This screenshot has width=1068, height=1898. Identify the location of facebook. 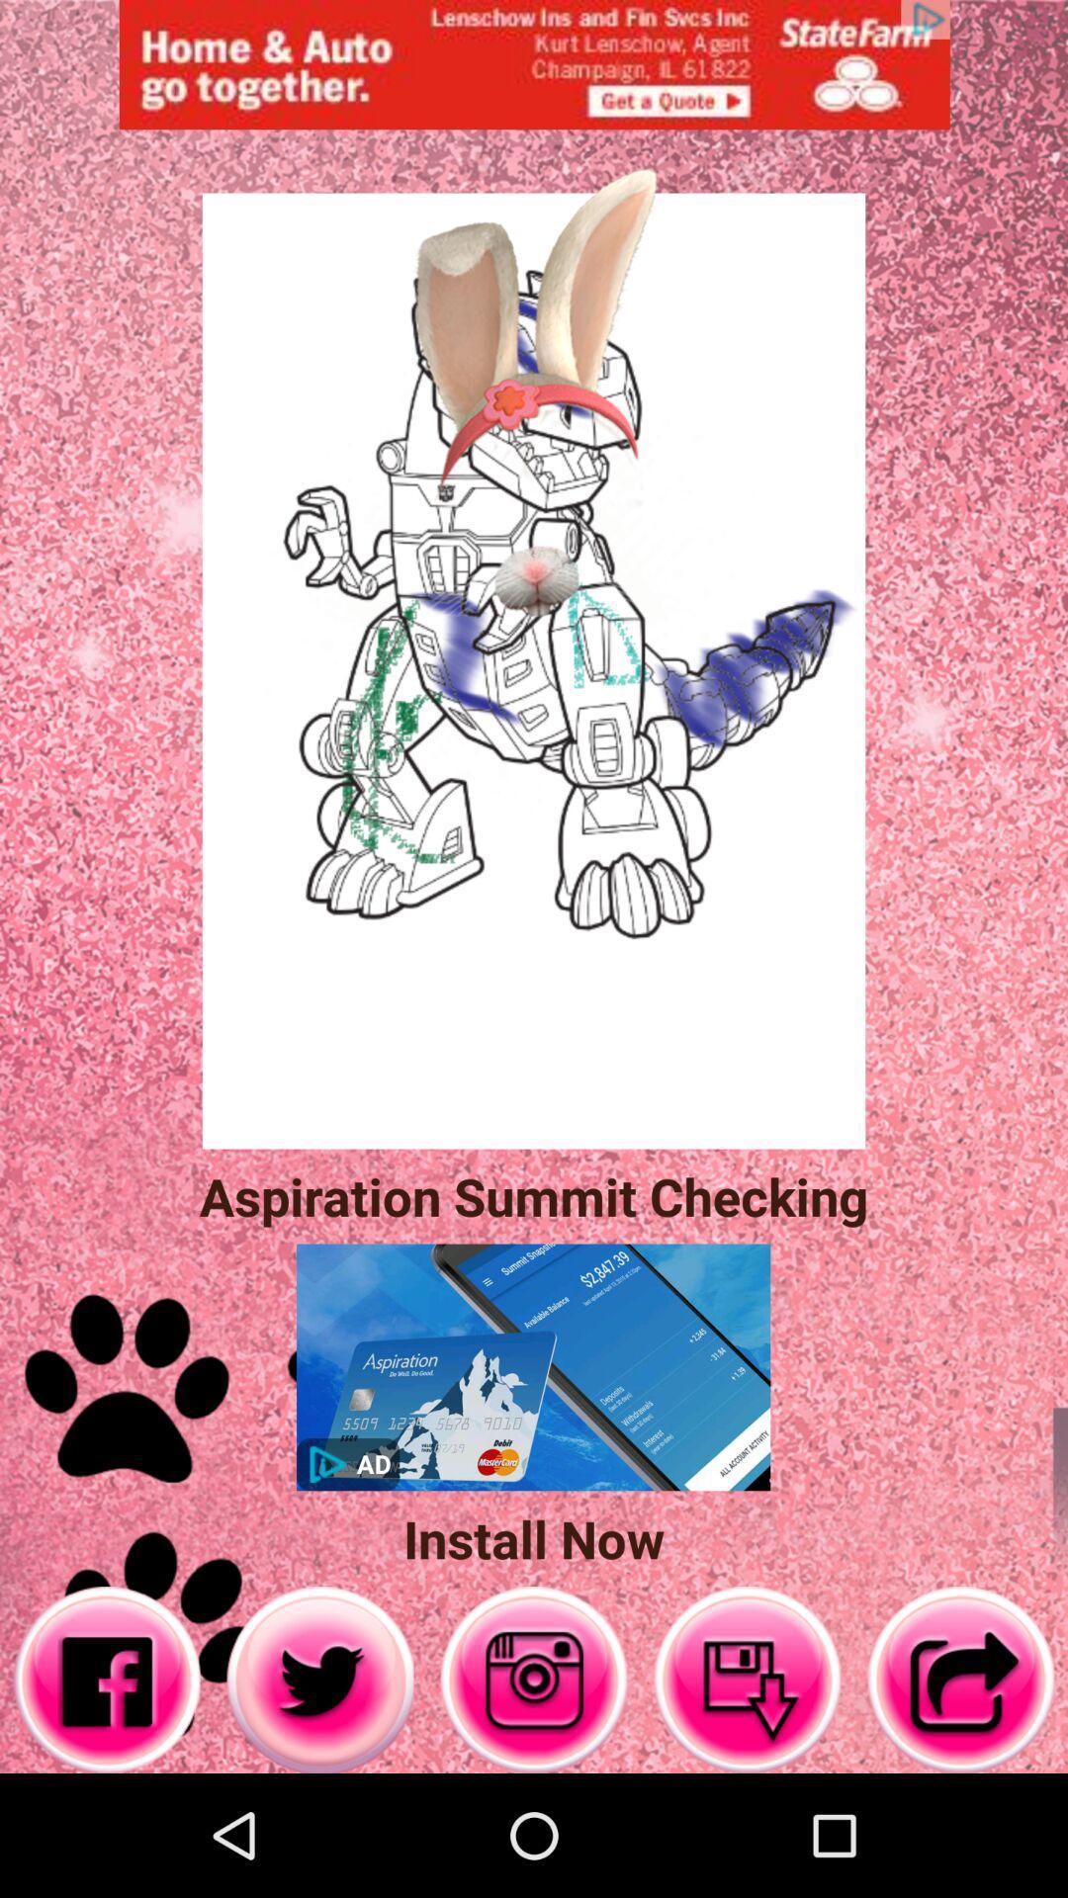
(107, 1679).